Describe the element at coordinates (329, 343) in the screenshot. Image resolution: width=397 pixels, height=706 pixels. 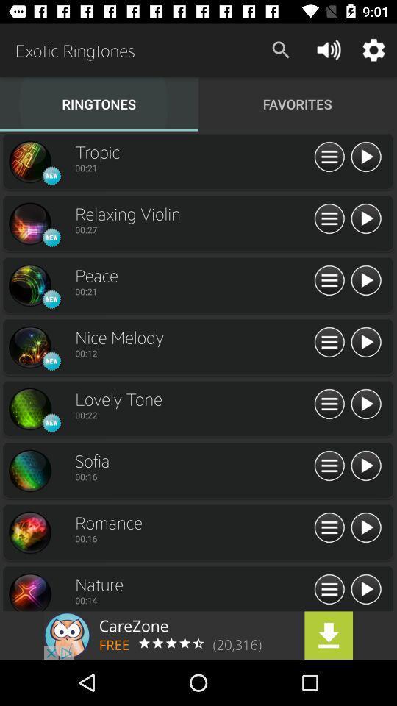
I see `new playlist` at that location.